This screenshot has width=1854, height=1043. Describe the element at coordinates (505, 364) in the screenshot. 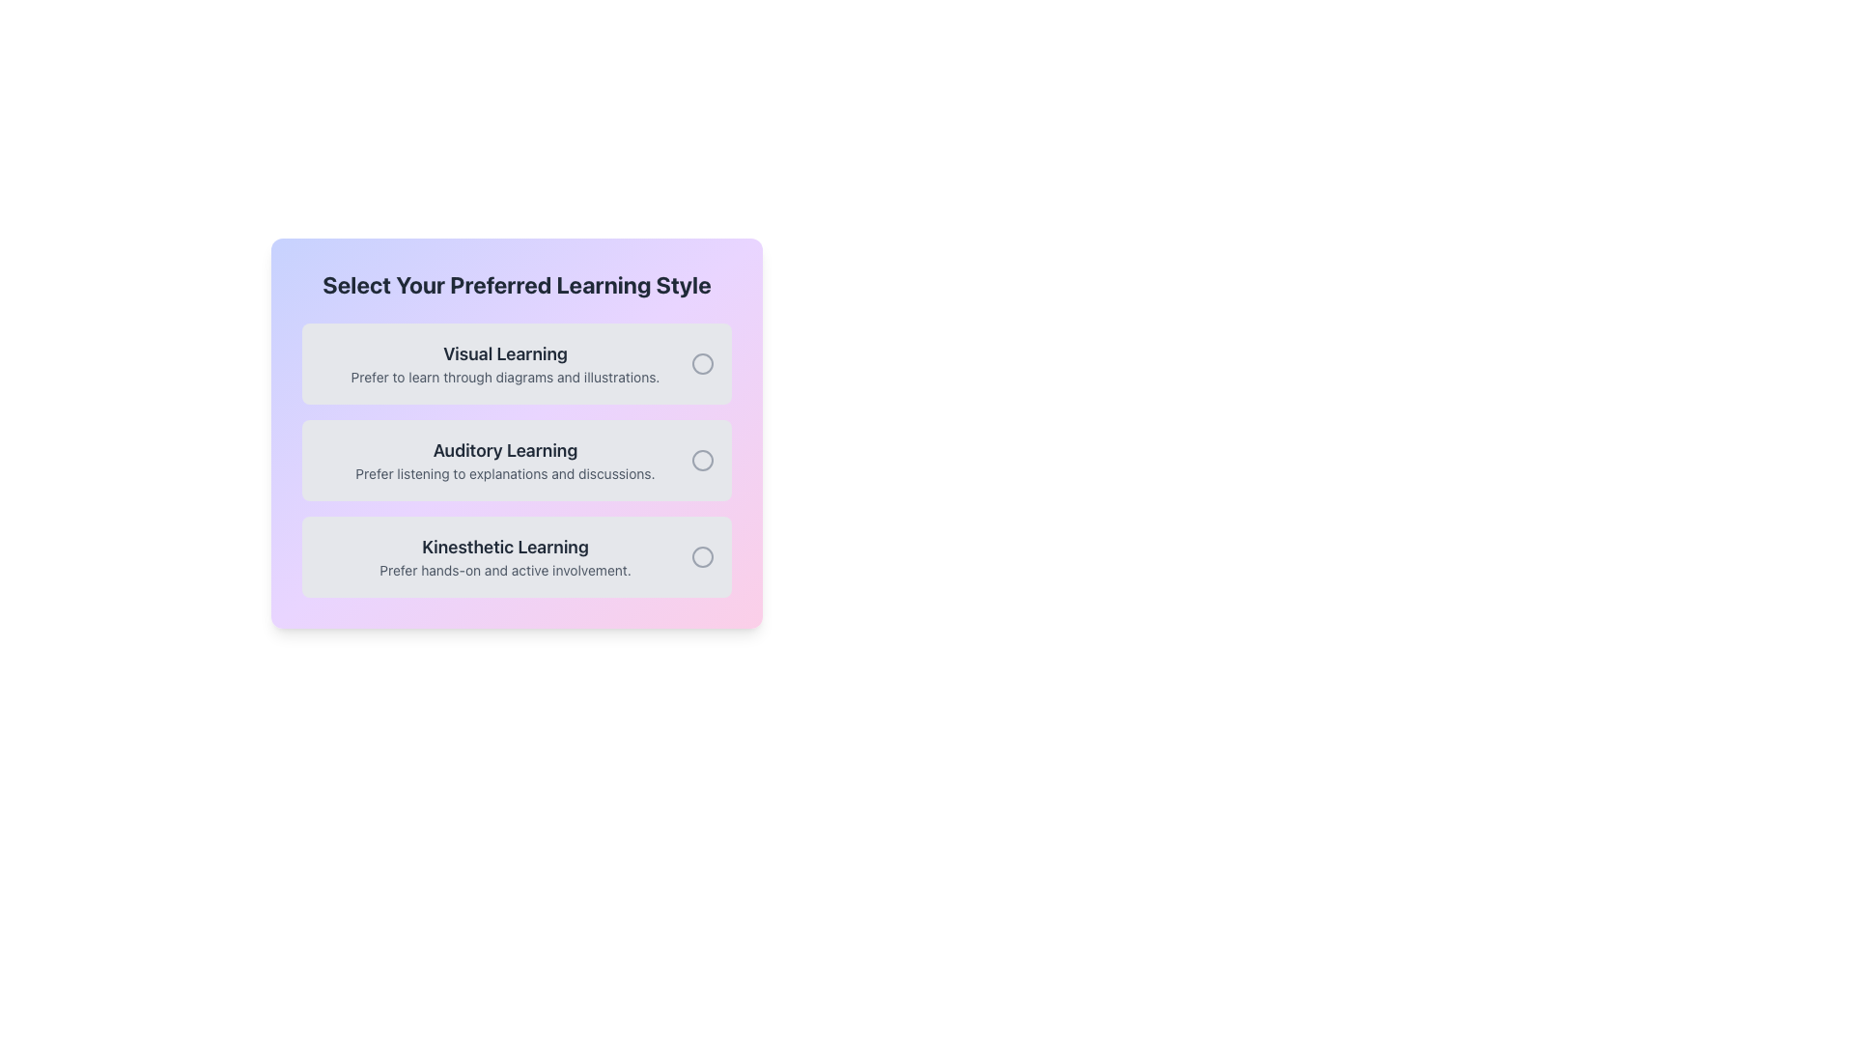

I see `the text label option for visual learning styles, located at the top of the list under 'Select Your Preferred Learning Style.'` at that location.